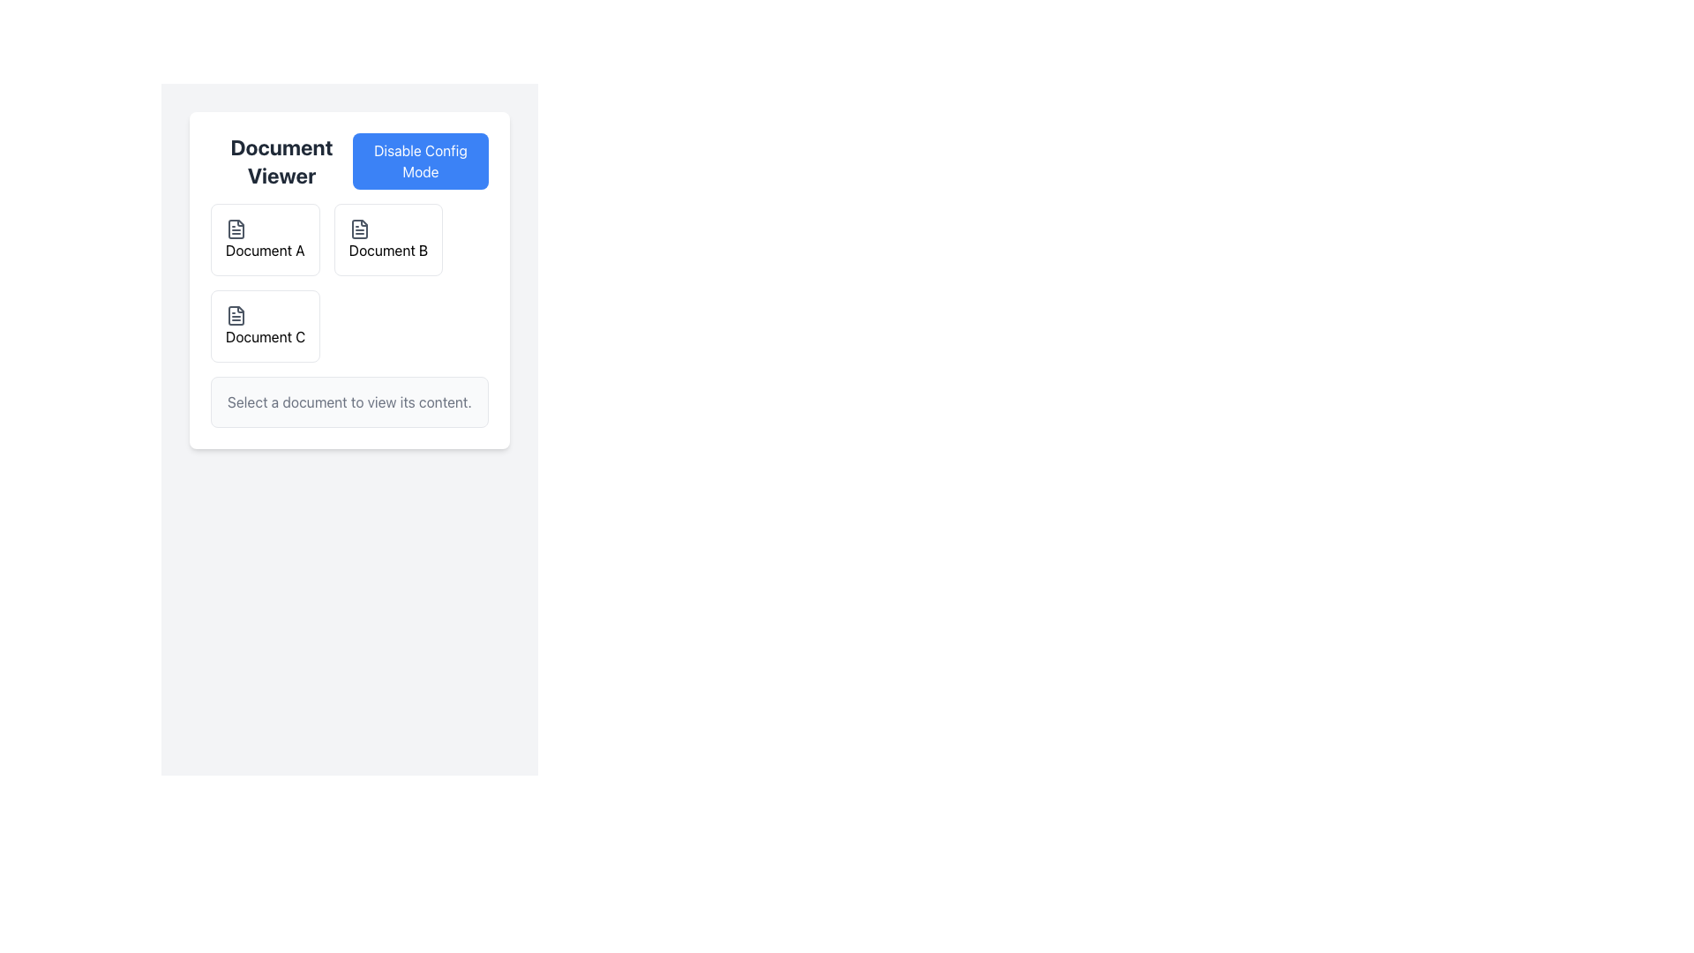 The image size is (1694, 953). What do you see at coordinates (265, 326) in the screenshot?
I see `the button labeled 'Document C', which features a document icon and is the third button in a group of three document buttons located in the bottom-left position relative to 'Document A' and 'Document B'` at bounding box center [265, 326].